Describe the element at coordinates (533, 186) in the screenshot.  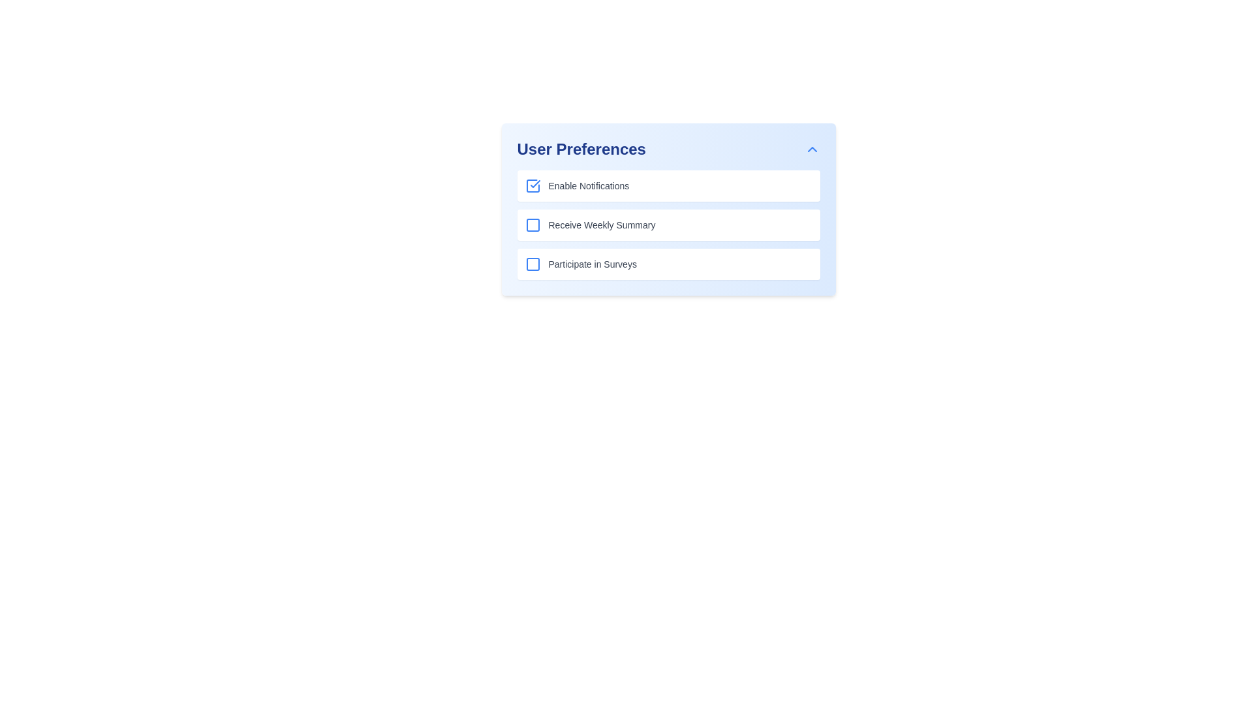
I see `the checkbox for 'Enable Notifications' located in the 'User Preferences' section` at that location.